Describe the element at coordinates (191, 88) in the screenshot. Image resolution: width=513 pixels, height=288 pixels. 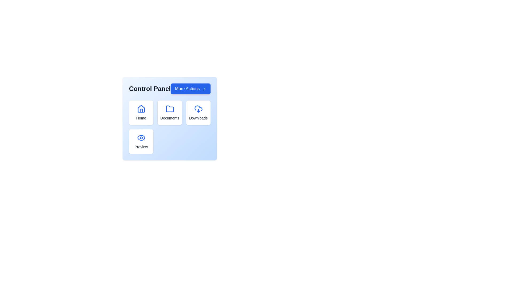
I see `the 'More Actions' button located at the top-right corner of the panel, which has a blue background, white bold text, and a right-pointing arrow icon` at that location.